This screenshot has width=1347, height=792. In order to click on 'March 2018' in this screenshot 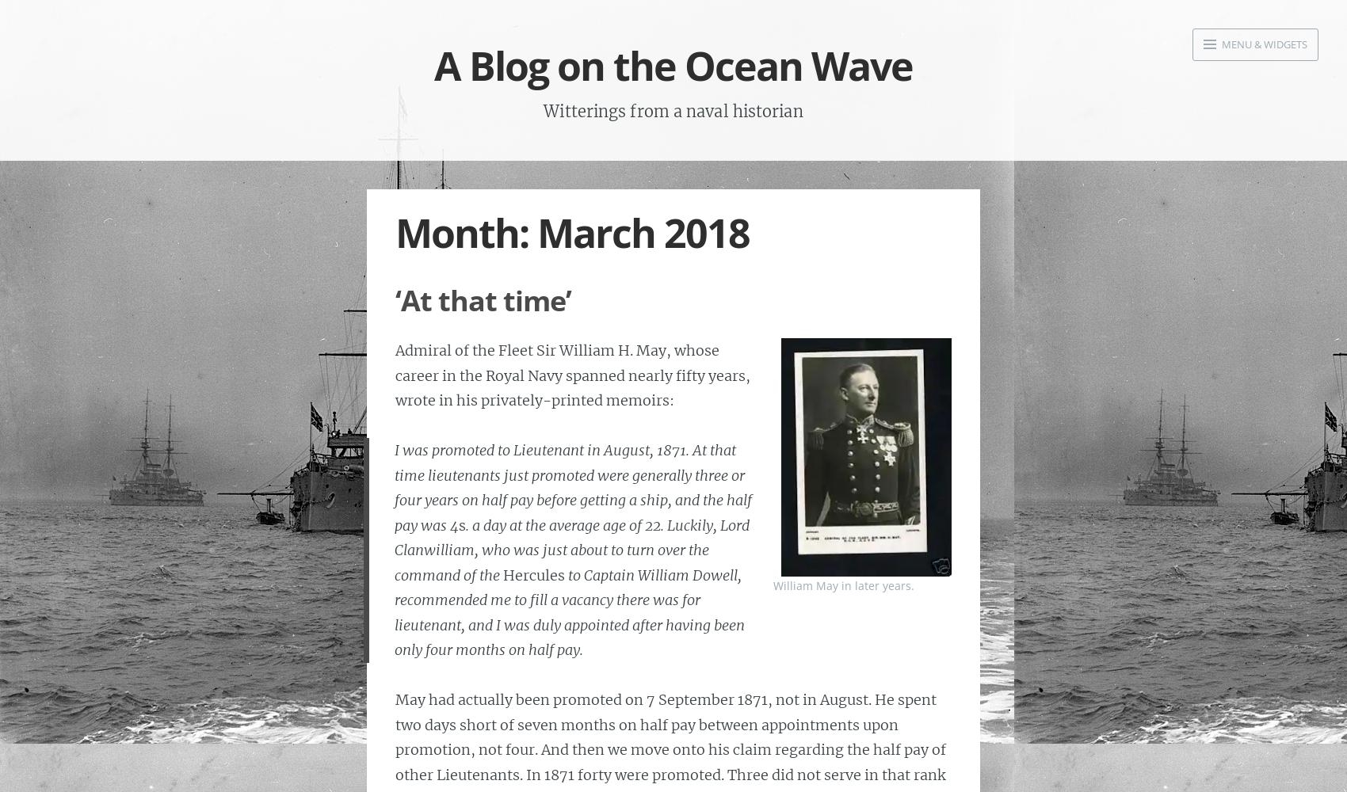, I will do `click(536, 232)`.